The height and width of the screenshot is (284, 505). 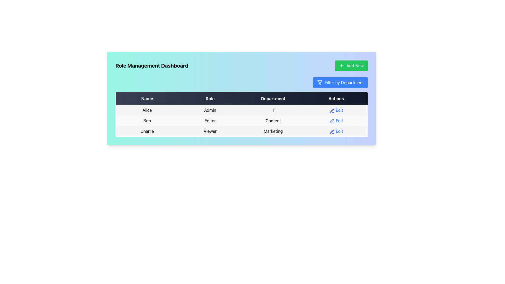 I want to click on the blue pen icon, so click(x=332, y=131).